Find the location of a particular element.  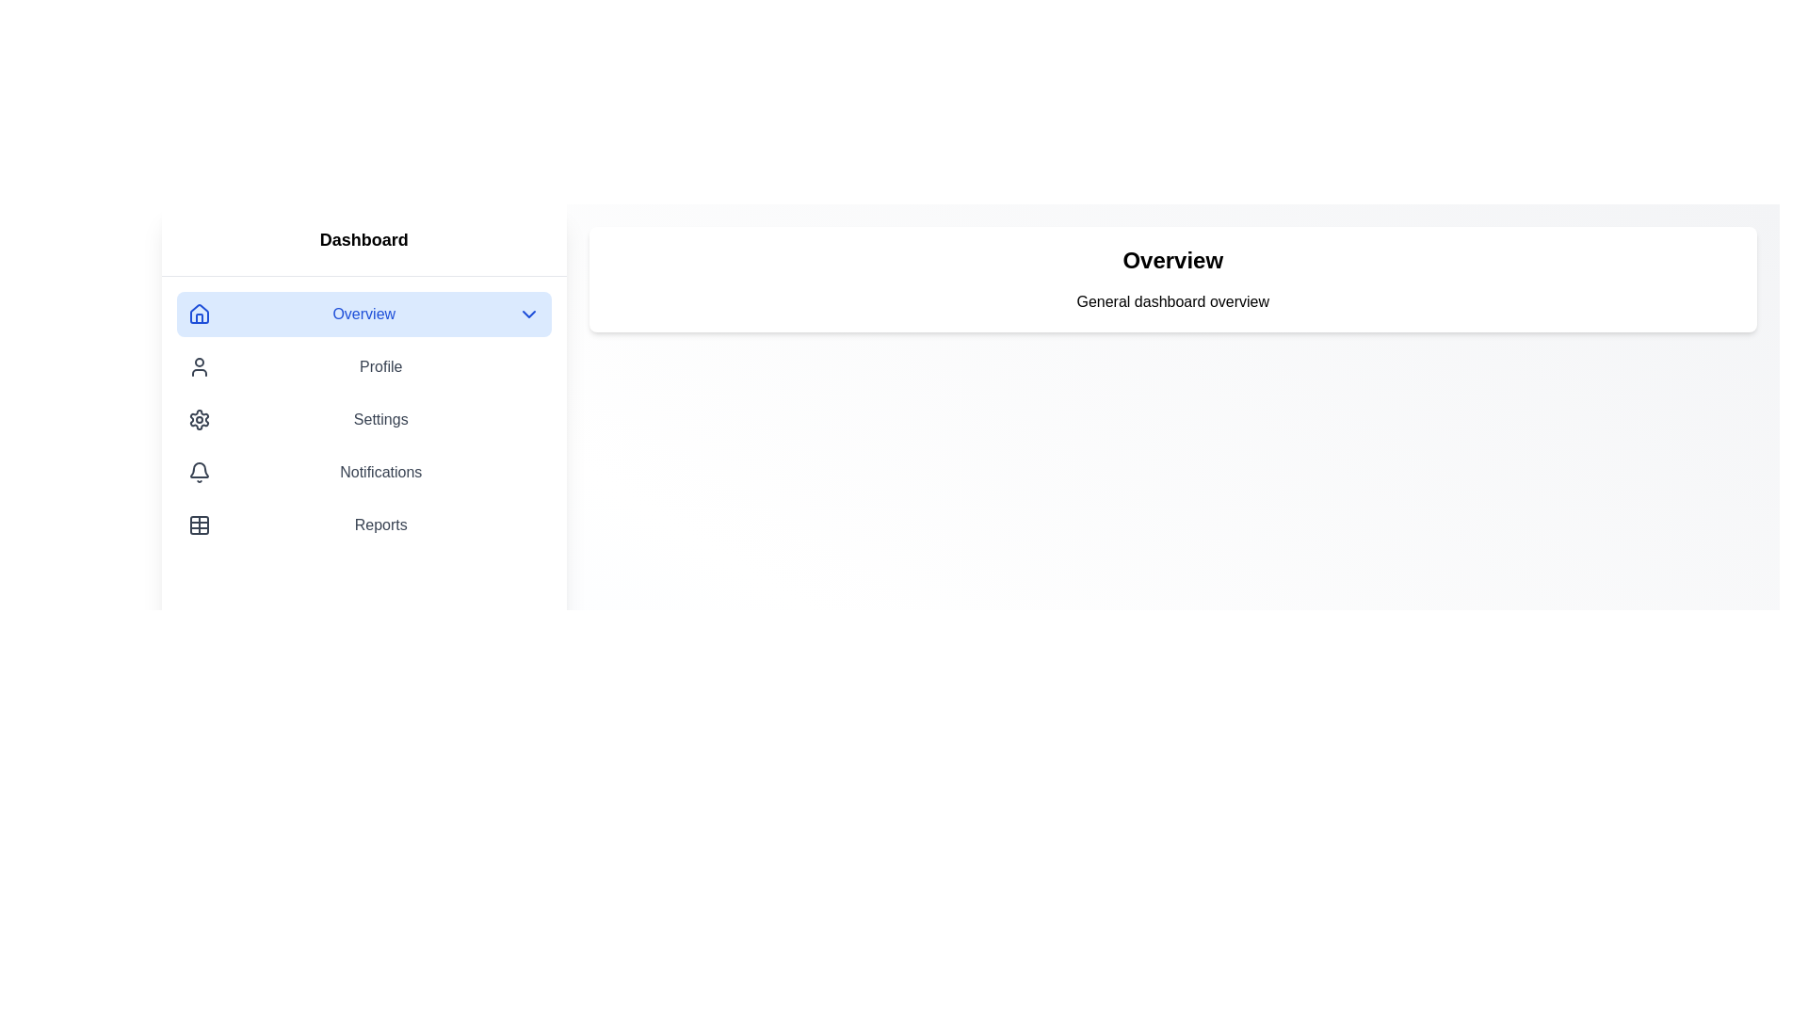

the menu item Overview in the sidebar to navigate to its respective content is located at coordinates (363, 314).